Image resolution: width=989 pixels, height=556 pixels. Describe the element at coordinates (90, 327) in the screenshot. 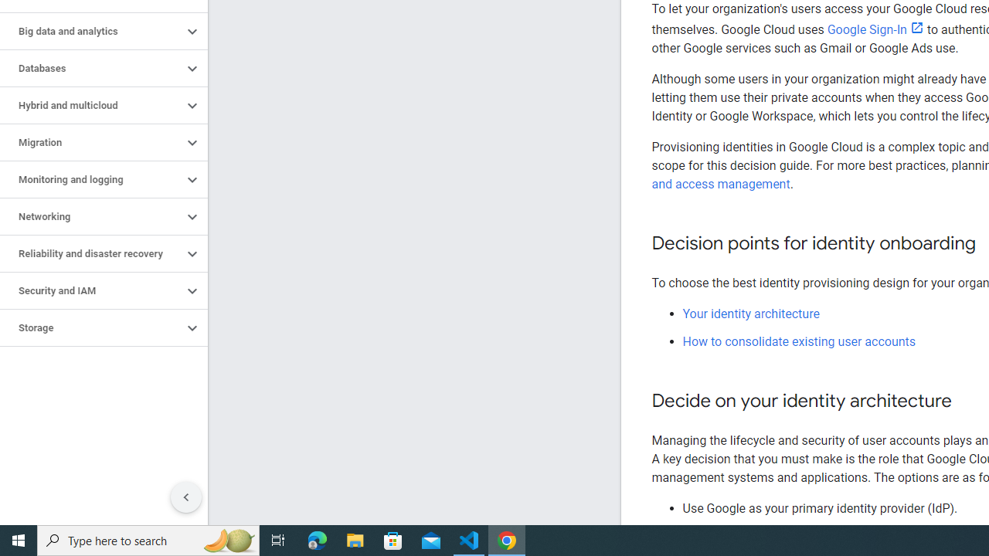

I see `'Storage'` at that location.